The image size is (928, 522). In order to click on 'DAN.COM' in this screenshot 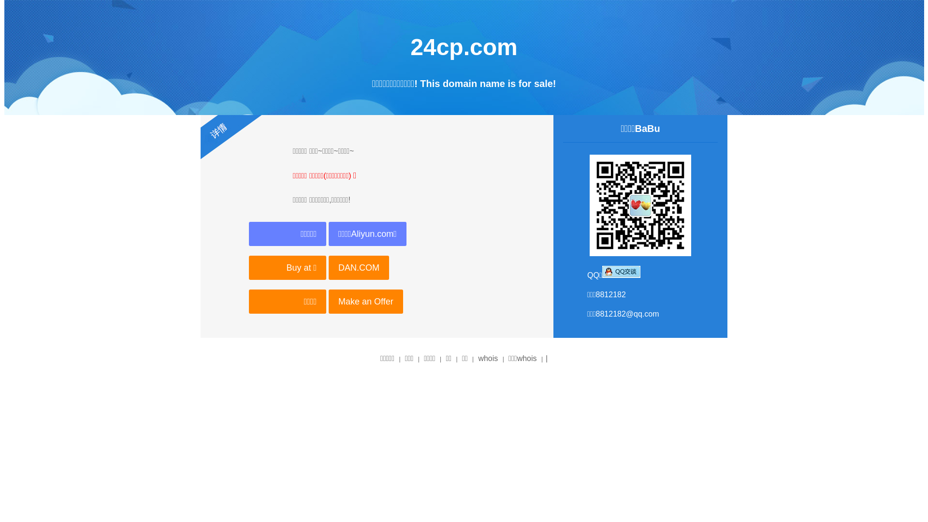, I will do `click(329, 268)`.